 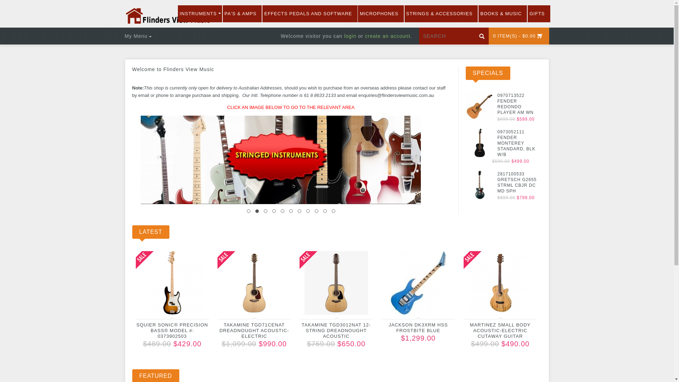 What do you see at coordinates (324, 211) in the screenshot?
I see `'10'` at bounding box center [324, 211].